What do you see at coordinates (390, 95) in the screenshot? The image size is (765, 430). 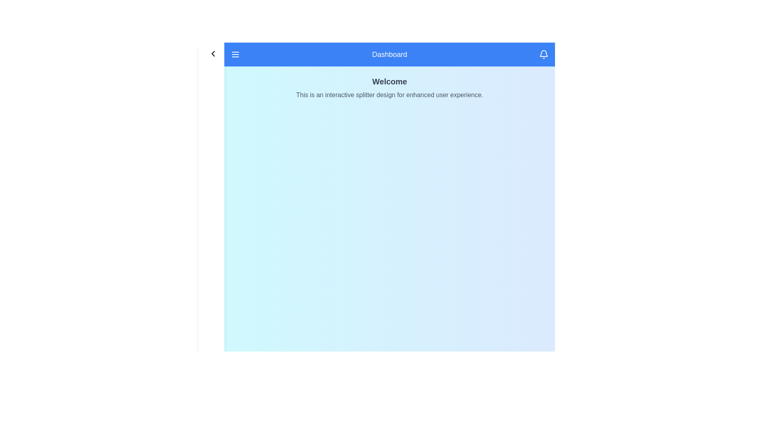 I see `the informative description text located directly beneath the 'Welcome' text, which provides additional context to the message` at bounding box center [390, 95].